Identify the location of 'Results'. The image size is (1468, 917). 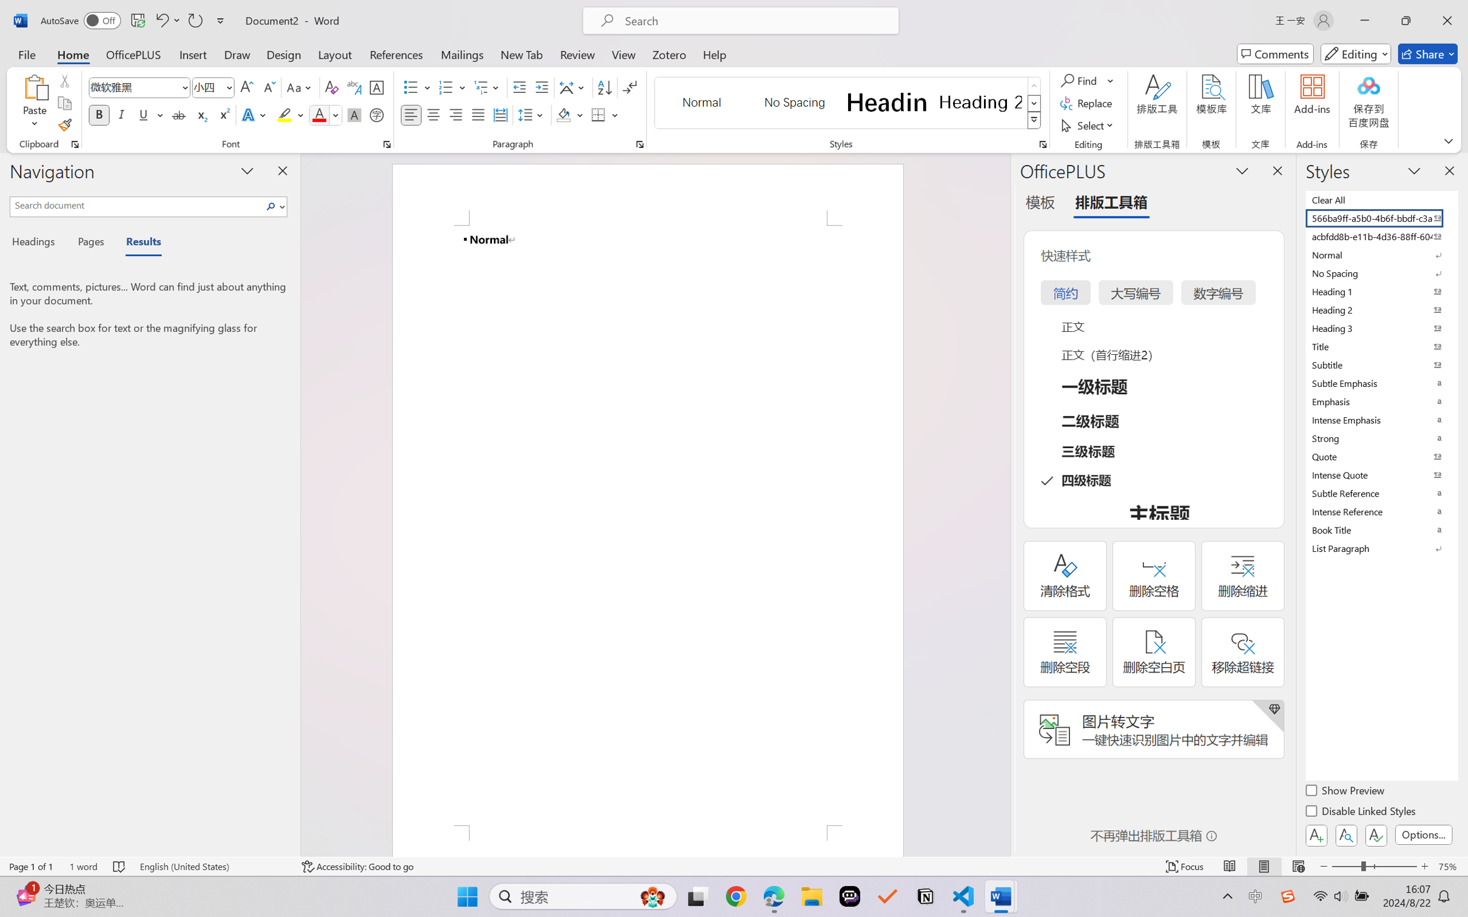
(137, 243).